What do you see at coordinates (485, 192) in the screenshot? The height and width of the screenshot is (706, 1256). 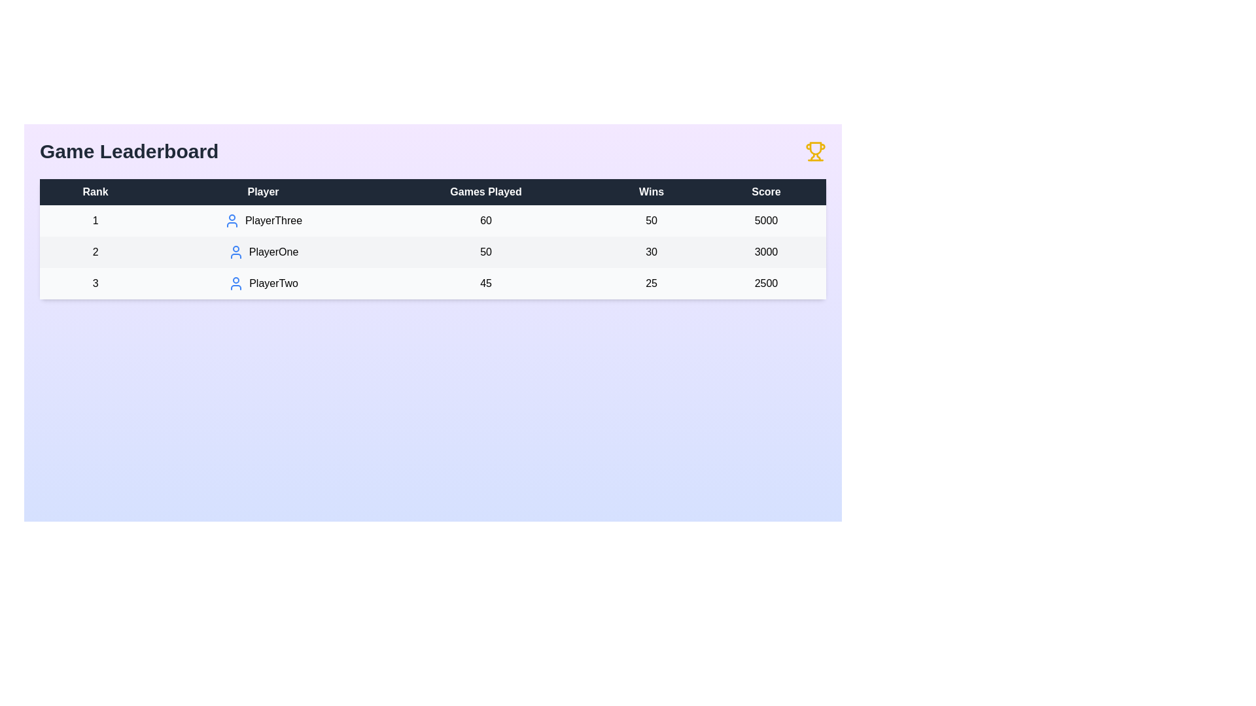 I see `the third column header of the table, which labels the number of games played, positioned between 'Player' and 'Wins'` at bounding box center [485, 192].